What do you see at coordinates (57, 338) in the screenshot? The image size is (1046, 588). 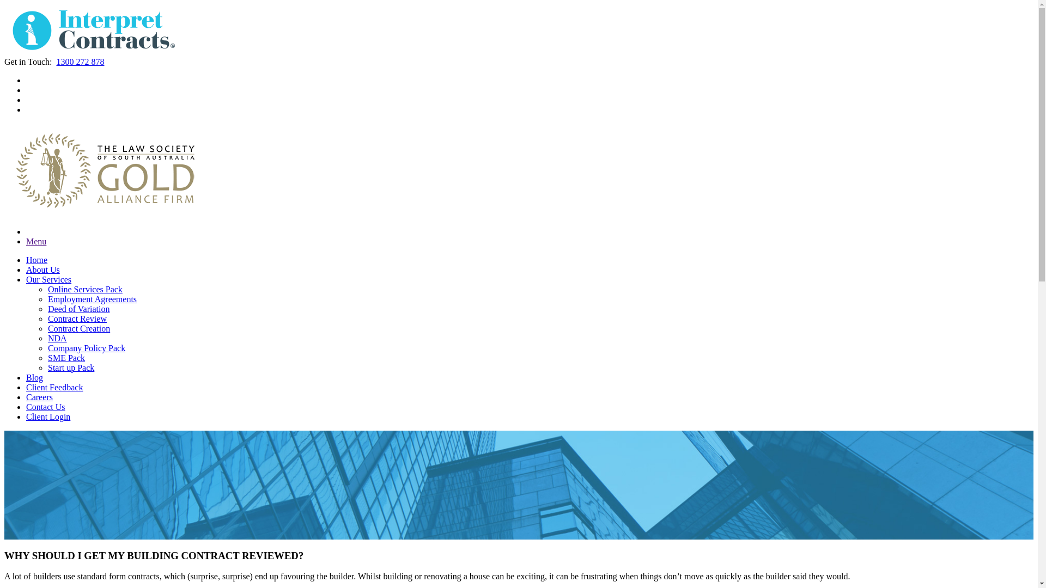 I see `'NDA'` at bounding box center [57, 338].